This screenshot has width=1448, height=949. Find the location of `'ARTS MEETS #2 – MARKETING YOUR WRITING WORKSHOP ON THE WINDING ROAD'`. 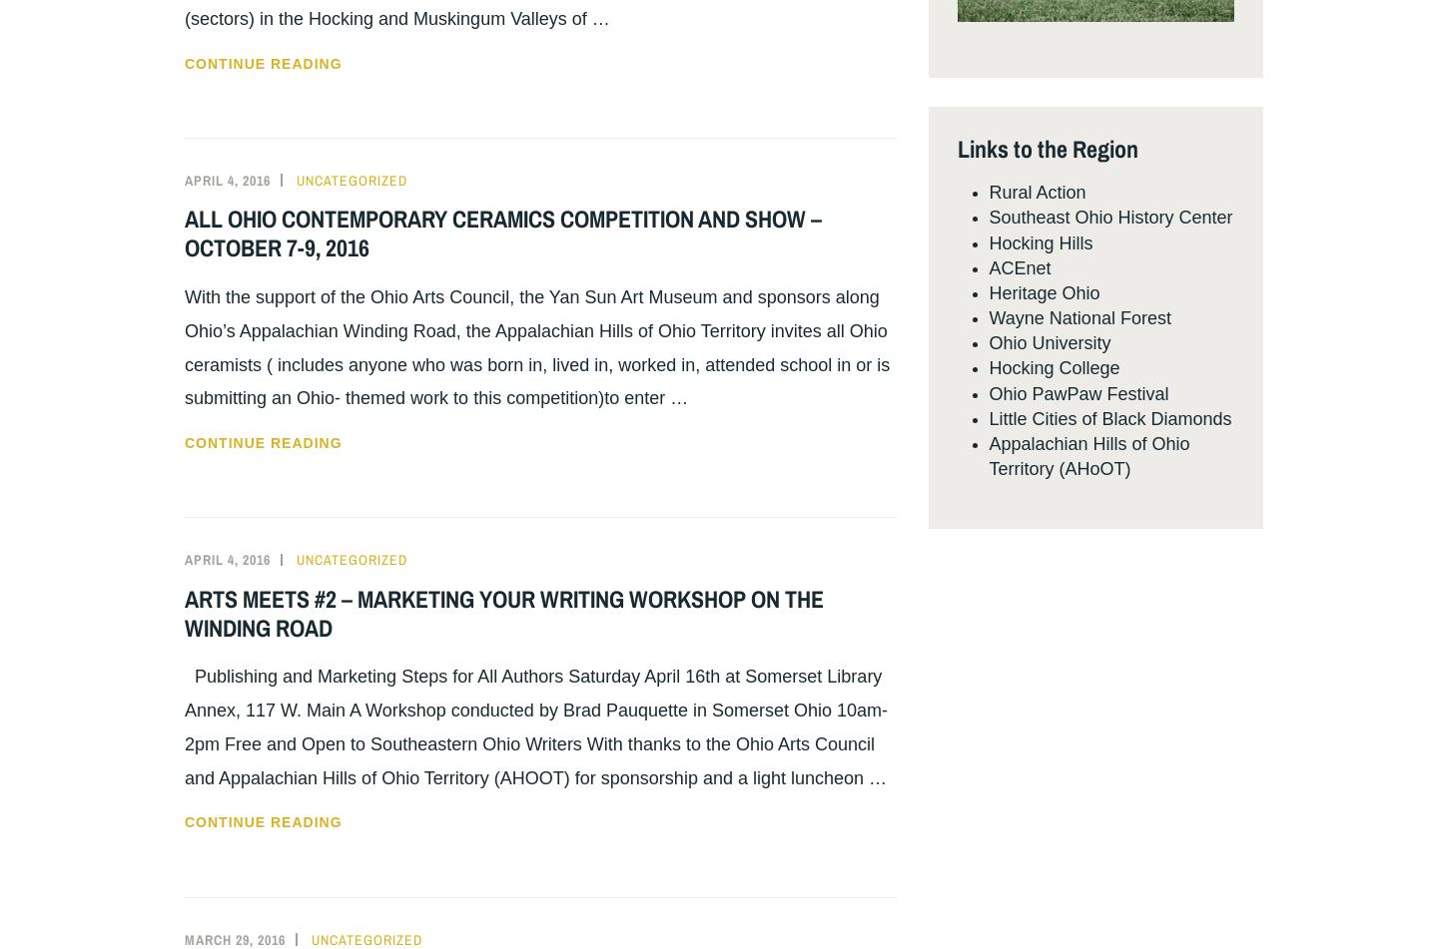

'ARTS MEETS #2 – MARKETING YOUR WRITING WORKSHOP ON THE WINDING ROAD' is located at coordinates (504, 611).